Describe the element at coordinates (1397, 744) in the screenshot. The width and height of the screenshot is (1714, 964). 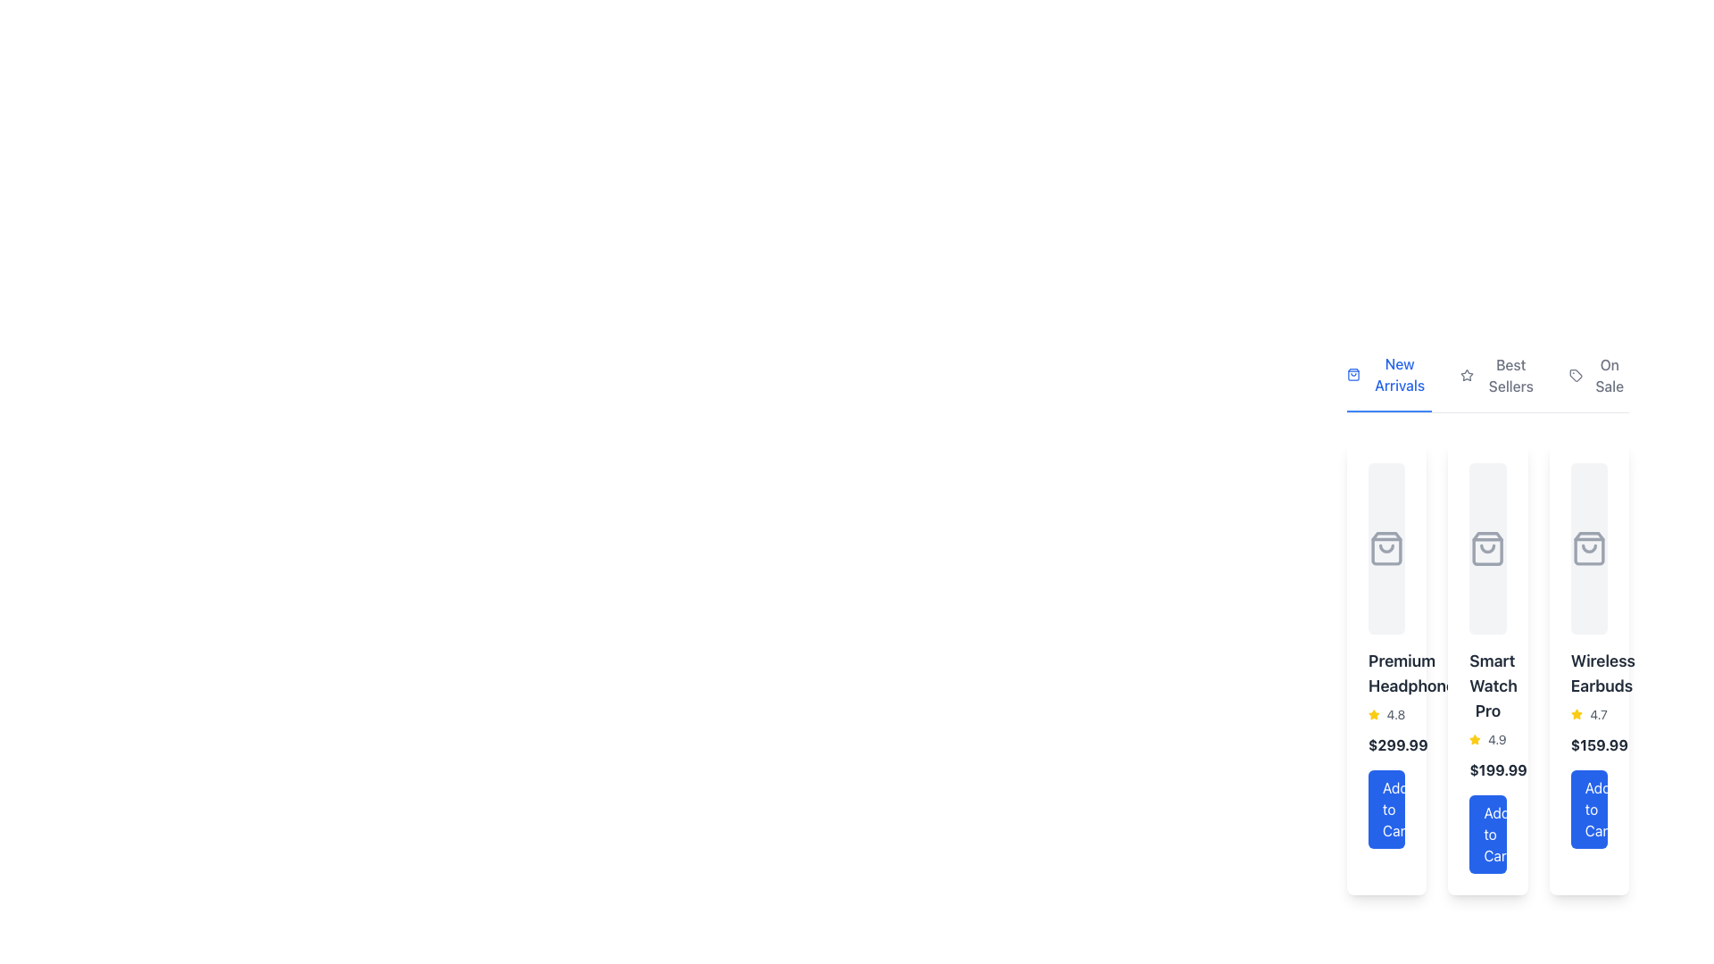
I see `the price label of the product listed under 'New Arrivals' for 'Premium Headphones', which is positioned above the 'Add to Cart' button` at that location.